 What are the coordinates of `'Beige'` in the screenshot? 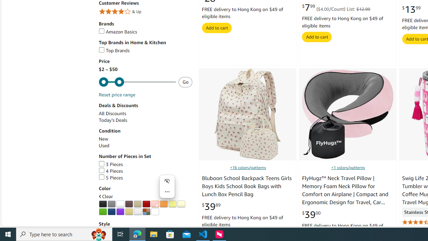 It's located at (137, 204).